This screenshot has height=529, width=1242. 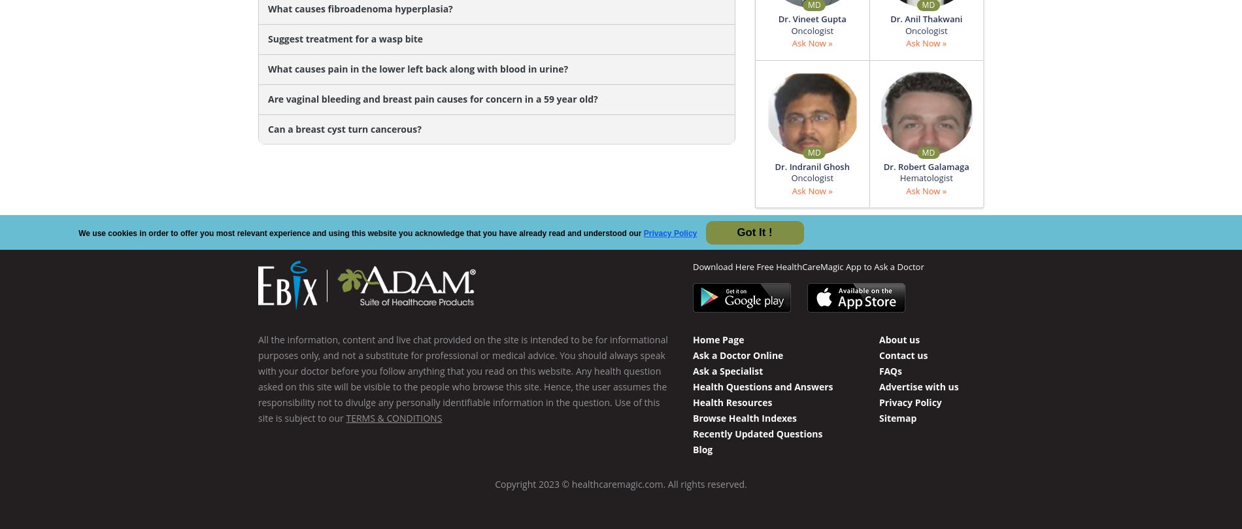 I want to click on 'Terms & Conditions', so click(x=394, y=417).